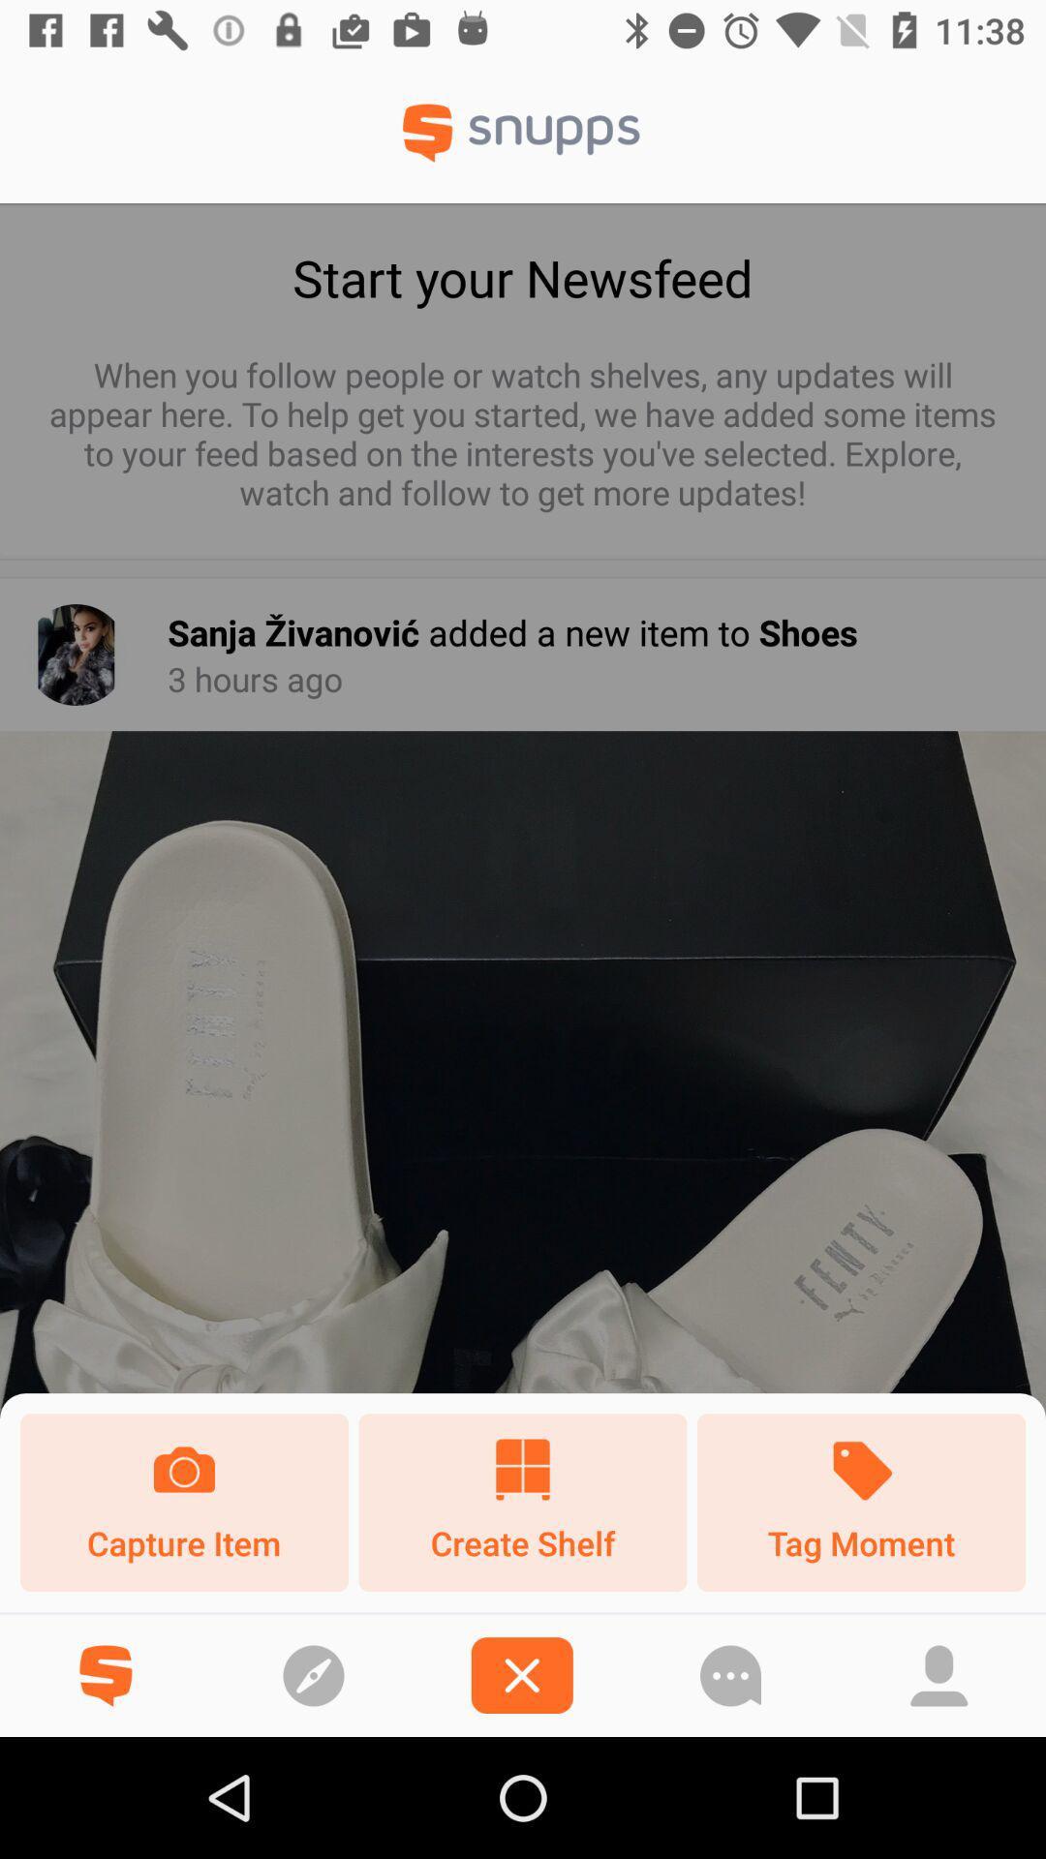 Image resolution: width=1046 pixels, height=1859 pixels. I want to click on close, so click(521, 1674).